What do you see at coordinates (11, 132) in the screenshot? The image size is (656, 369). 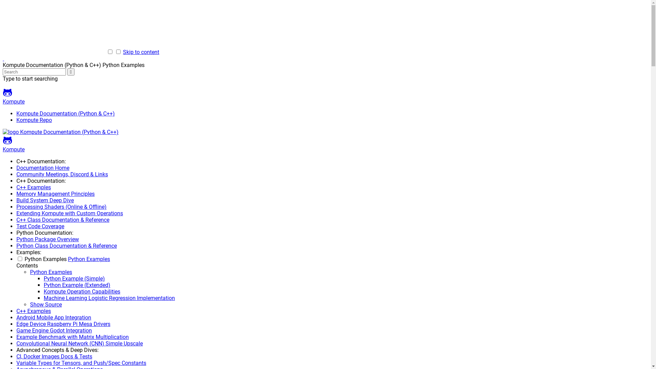 I see `'Kompute Documentation (Python & C++)'` at bounding box center [11, 132].